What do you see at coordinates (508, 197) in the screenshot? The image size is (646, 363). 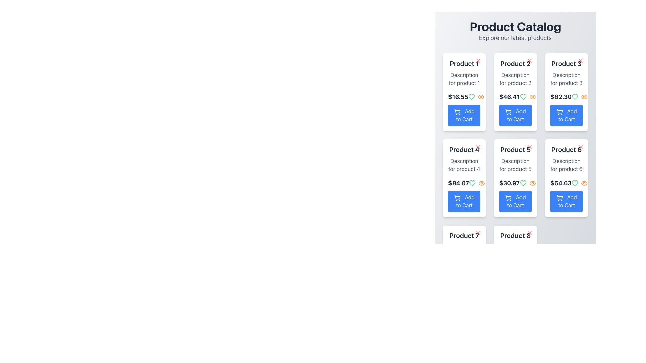 I see `the shopping cart icon within the 'Add to Cart' button` at bounding box center [508, 197].